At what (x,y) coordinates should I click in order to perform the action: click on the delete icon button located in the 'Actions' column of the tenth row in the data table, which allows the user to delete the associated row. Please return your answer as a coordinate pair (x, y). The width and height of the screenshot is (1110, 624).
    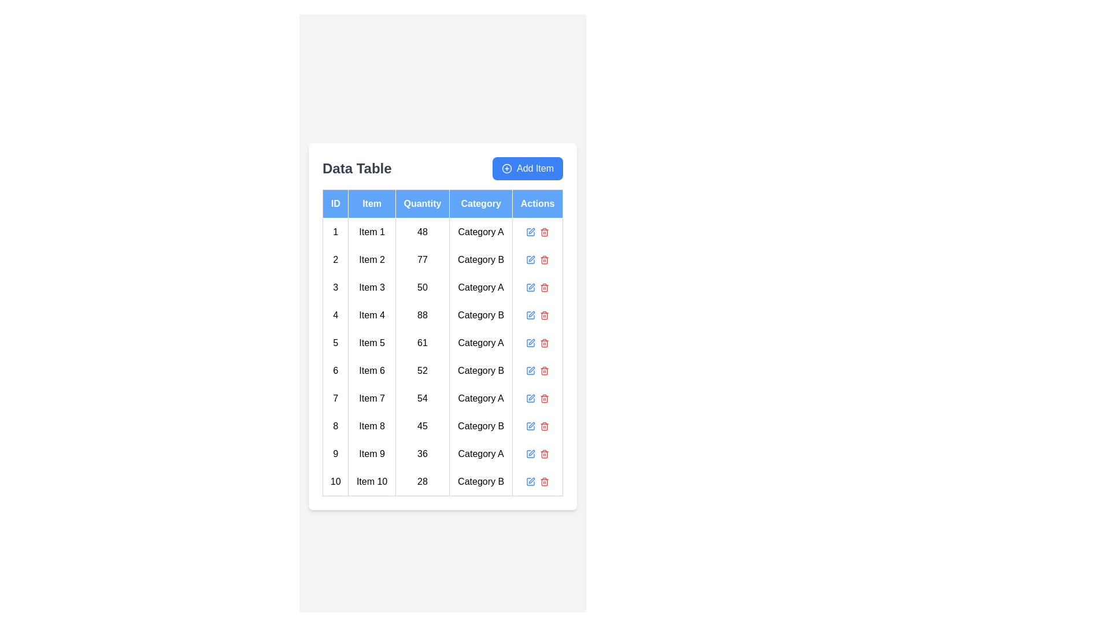
    Looking at the image, I should click on (544, 481).